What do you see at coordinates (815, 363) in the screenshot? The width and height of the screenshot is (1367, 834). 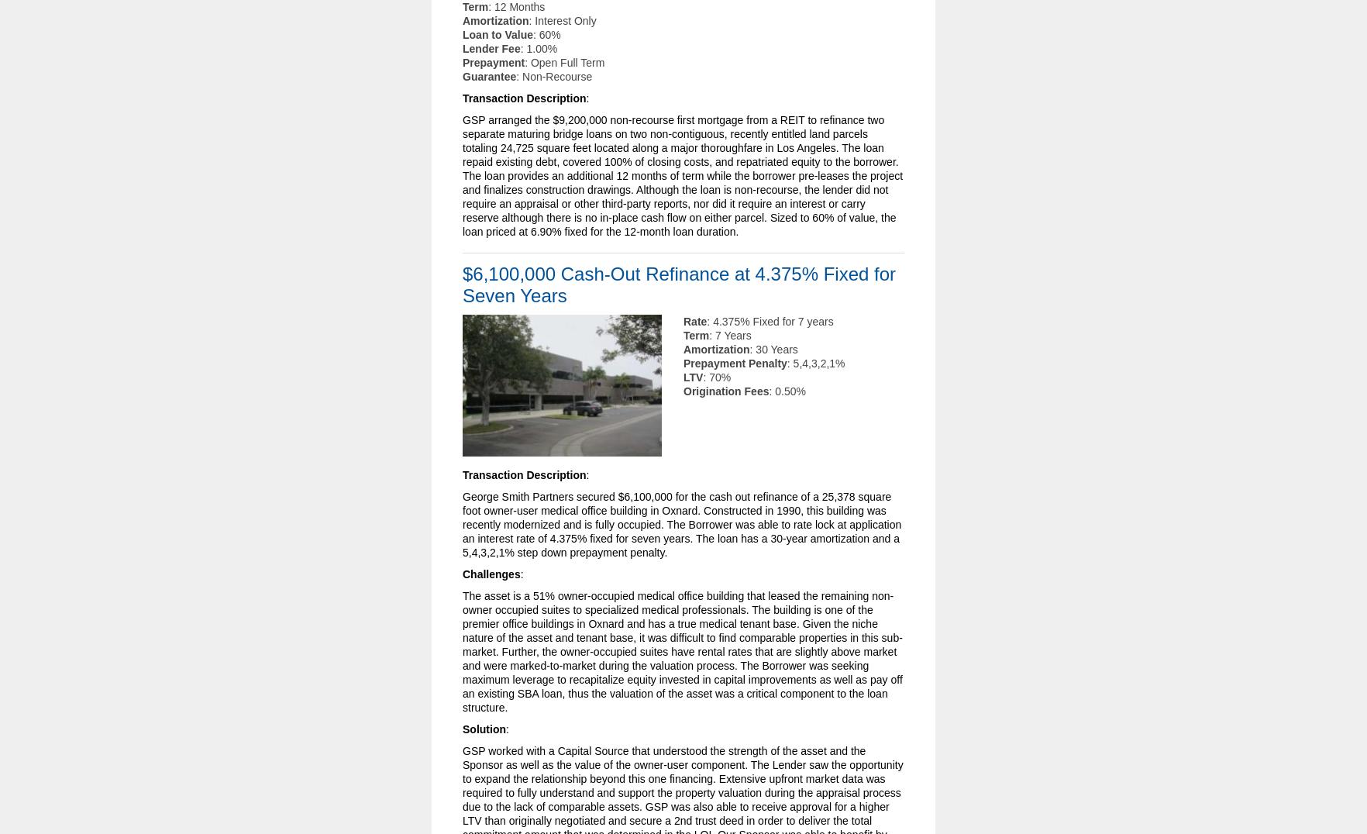 I see `': 5,4,3,2,1%'` at bounding box center [815, 363].